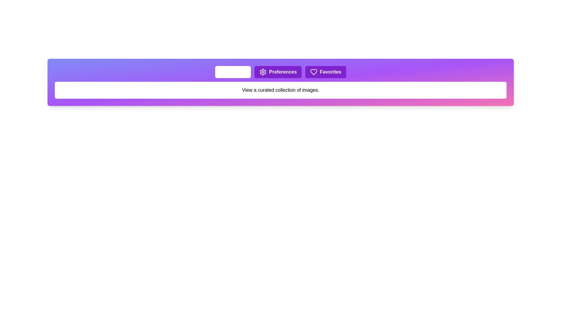 This screenshot has width=581, height=327. Describe the element at coordinates (232, 72) in the screenshot. I see `the tab labeled Gallery` at that location.